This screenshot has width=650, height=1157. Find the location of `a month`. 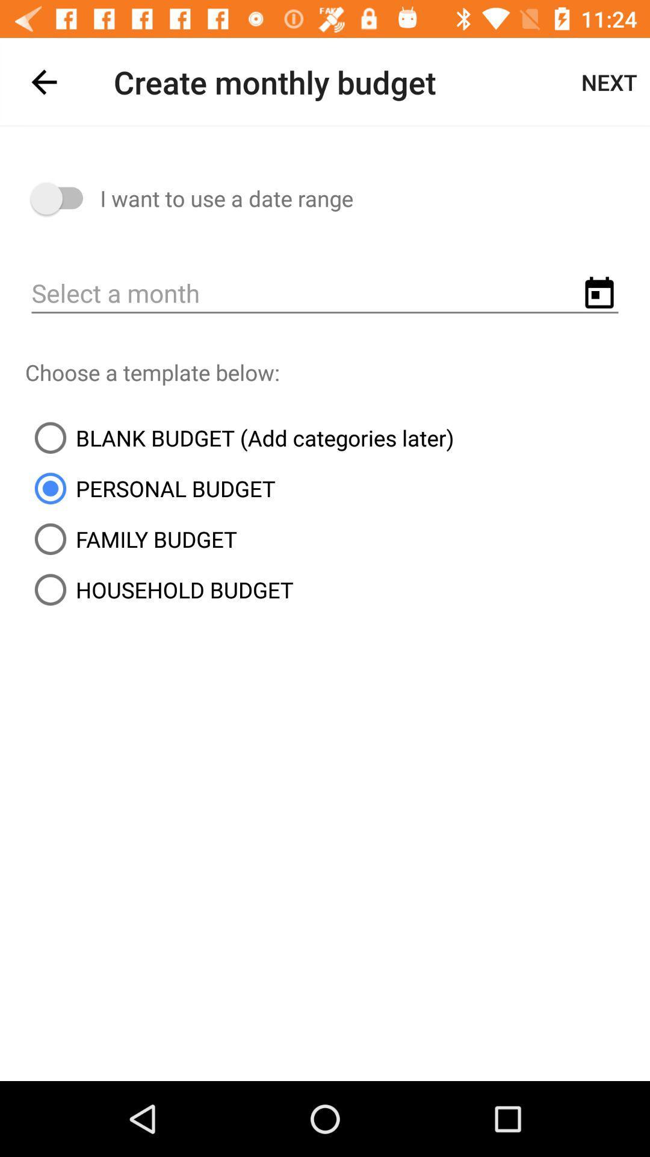

a month is located at coordinates (325, 294).